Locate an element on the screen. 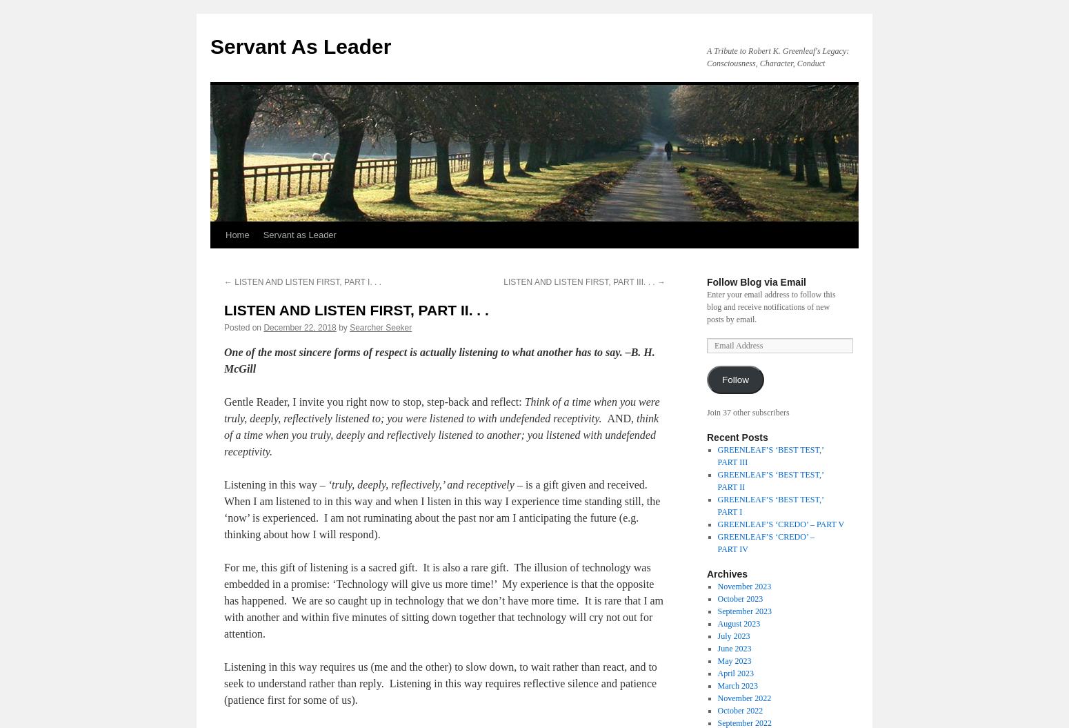 The image size is (1069, 728). '– is a gift given and received.  When I am listened to in this way and when I listen in this way I experience time standing still, the ‘now’ is experienced.  I am not ruminating about the past nor am I anticipating the future (e.g. thinking about how I will respond).' is located at coordinates (441, 509).